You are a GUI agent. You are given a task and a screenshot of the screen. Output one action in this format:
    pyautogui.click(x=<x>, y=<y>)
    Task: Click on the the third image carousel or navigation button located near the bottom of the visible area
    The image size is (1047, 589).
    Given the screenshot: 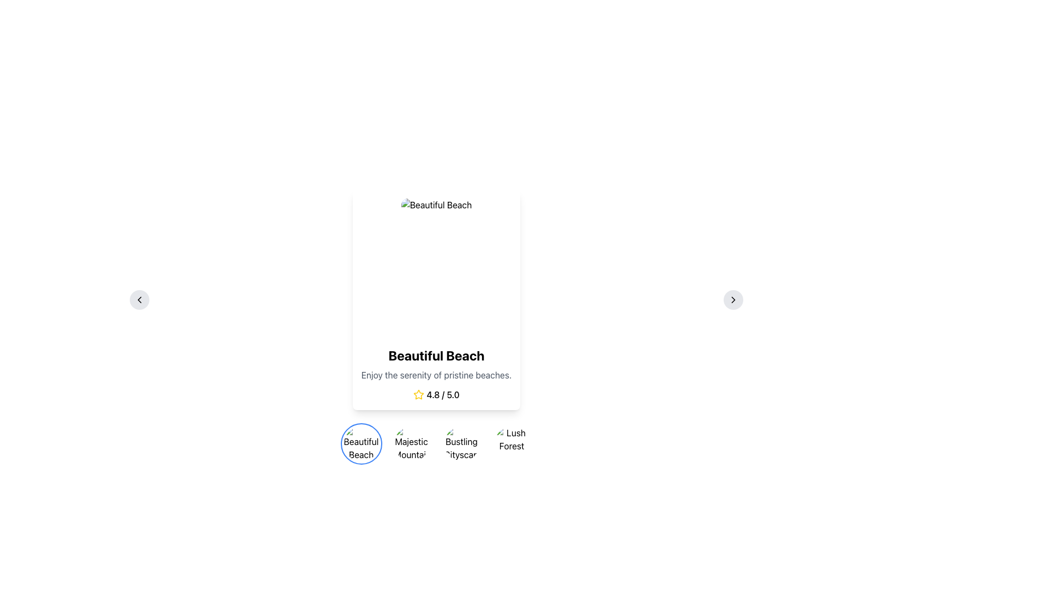 What is the action you would take?
    pyautogui.click(x=436, y=443)
    